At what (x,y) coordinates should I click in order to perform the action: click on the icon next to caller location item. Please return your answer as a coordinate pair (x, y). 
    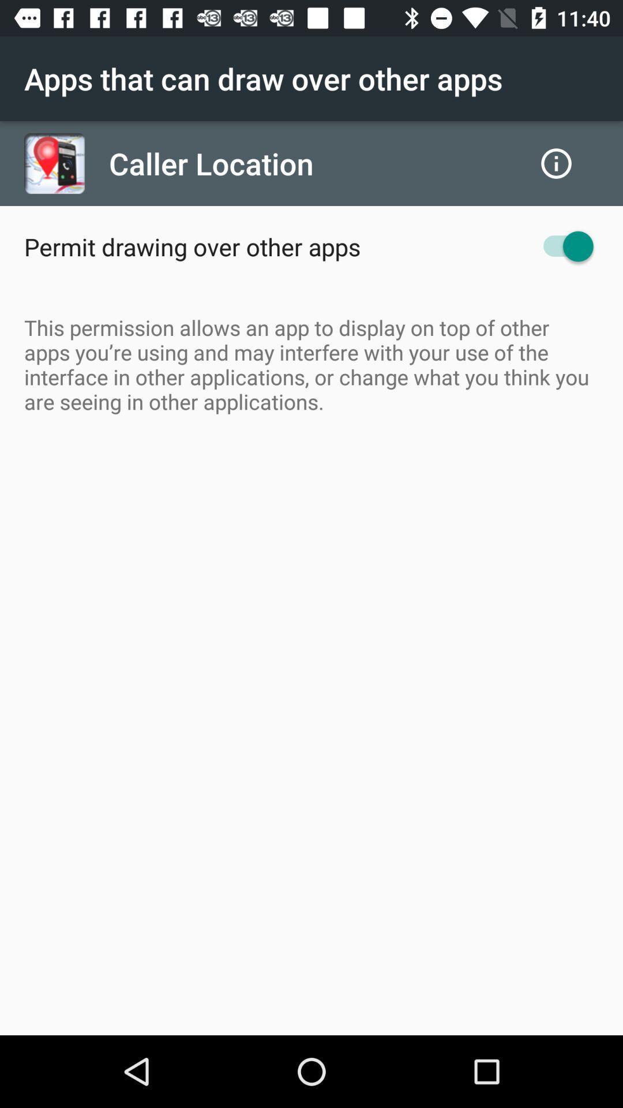
    Looking at the image, I should click on (556, 163).